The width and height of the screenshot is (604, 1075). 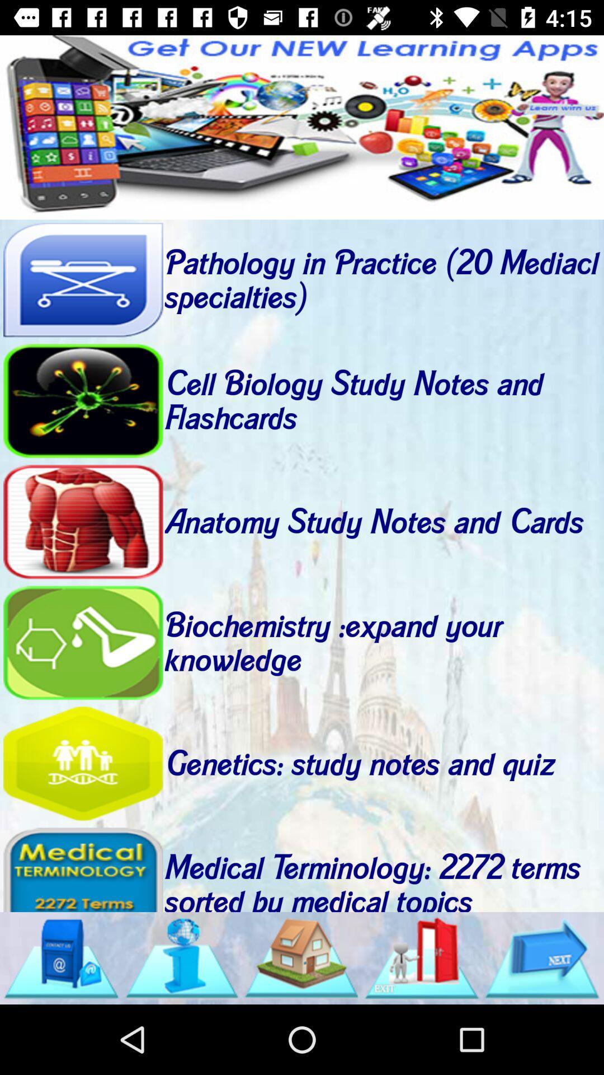 What do you see at coordinates (541, 957) in the screenshot?
I see `the arrow_forward icon` at bounding box center [541, 957].